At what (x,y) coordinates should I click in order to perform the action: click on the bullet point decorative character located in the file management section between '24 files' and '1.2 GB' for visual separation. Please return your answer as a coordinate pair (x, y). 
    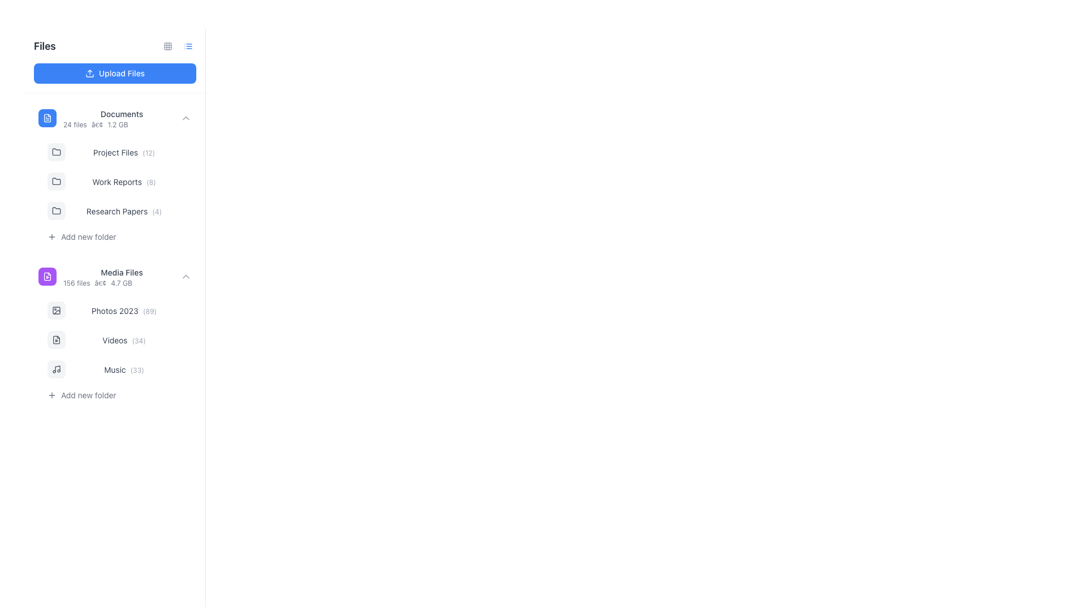
    Looking at the image, I should click on (97, 124).